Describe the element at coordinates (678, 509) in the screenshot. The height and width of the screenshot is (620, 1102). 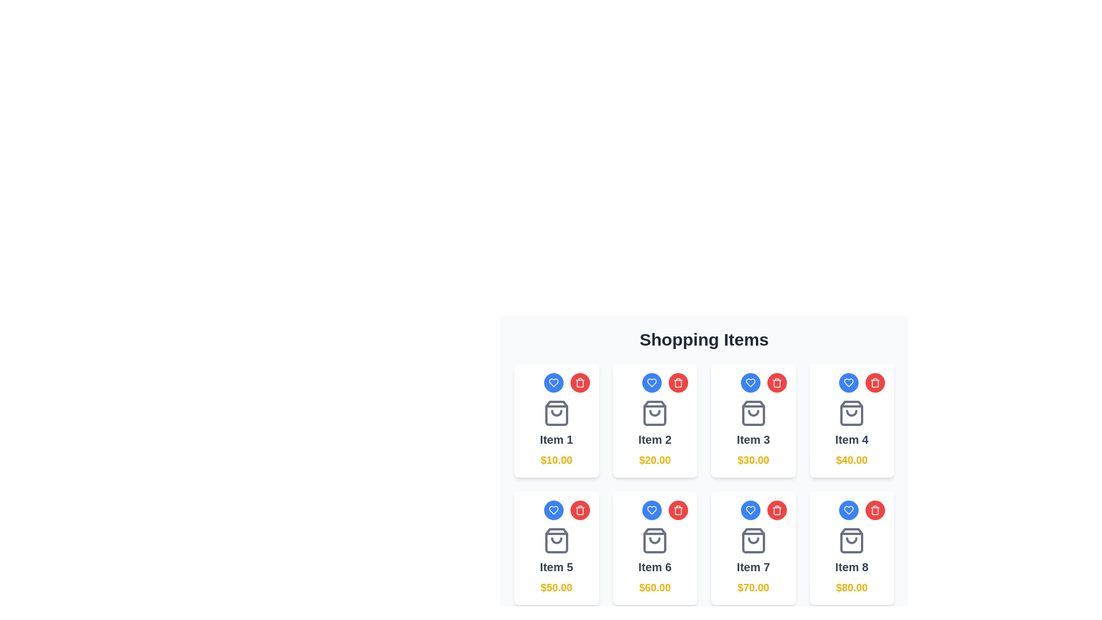
I see `the delete button located at the top-right corner of the product card in the shopping list layout` at that location.